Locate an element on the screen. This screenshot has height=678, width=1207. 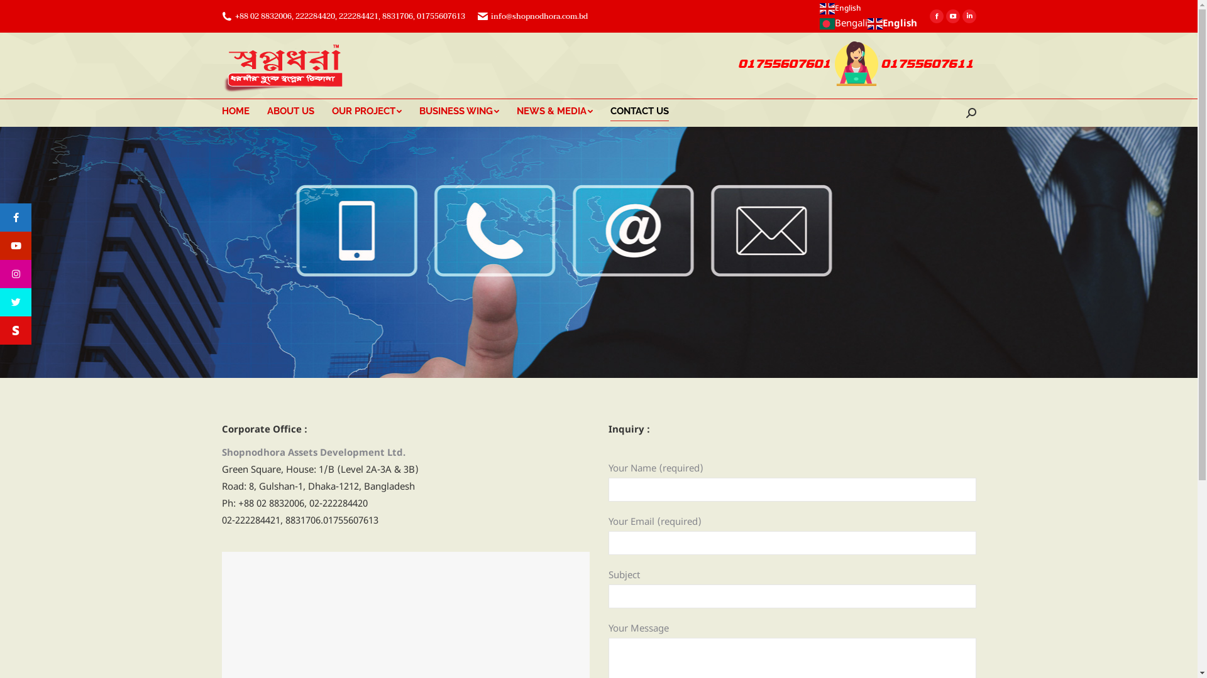
'HOME' is located at coordinates (244, 110).